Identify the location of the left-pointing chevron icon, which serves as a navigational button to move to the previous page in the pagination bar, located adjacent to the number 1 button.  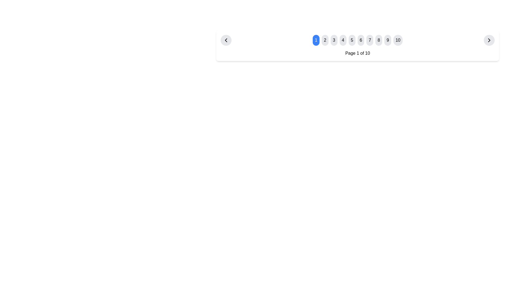
(226, 40).